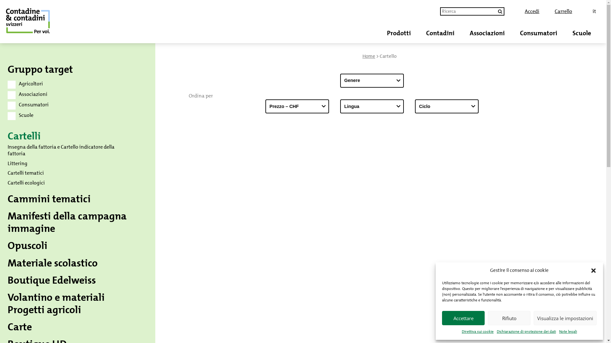 This screenshot has height=343, width=611. I want to click on 'Ciclo', so click(446, 106).